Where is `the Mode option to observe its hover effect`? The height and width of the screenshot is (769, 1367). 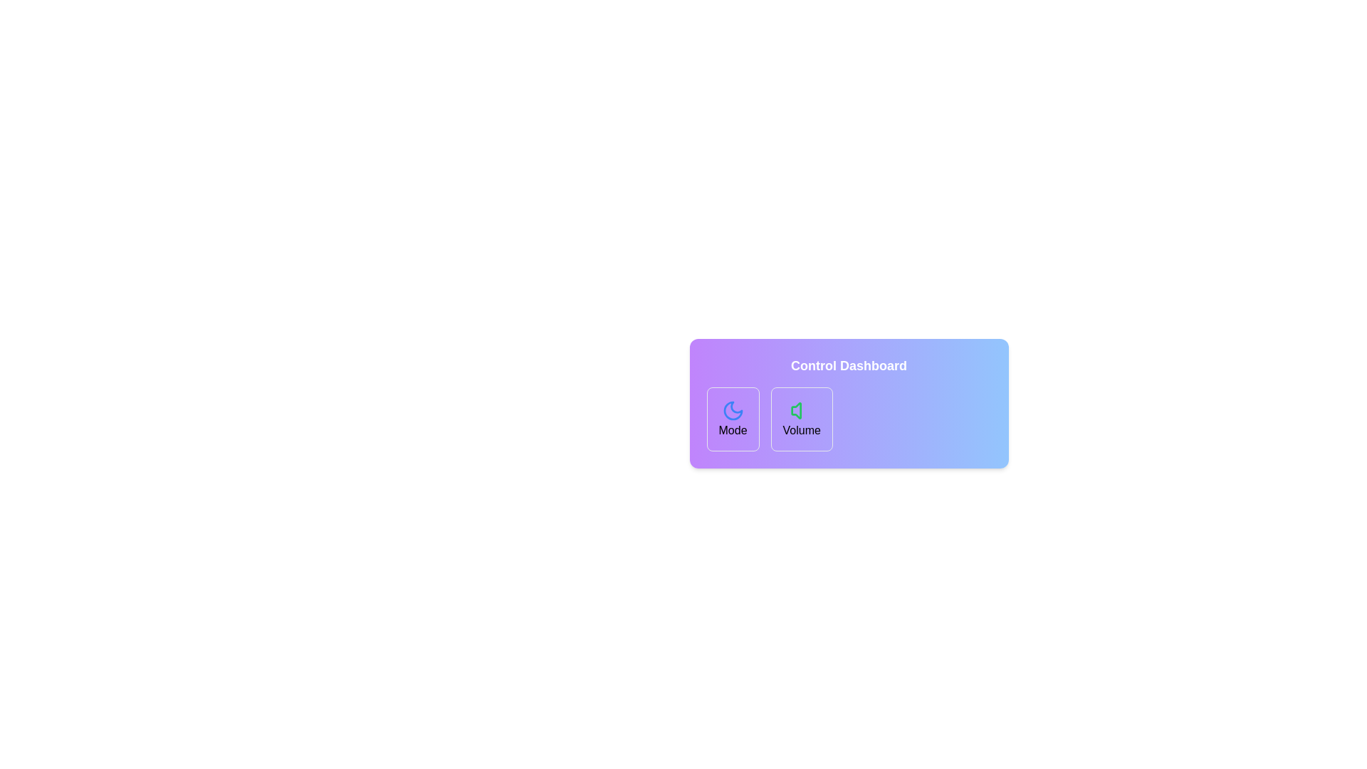
the Mode option to observe its hover effect is located at coordinates (733, 419).